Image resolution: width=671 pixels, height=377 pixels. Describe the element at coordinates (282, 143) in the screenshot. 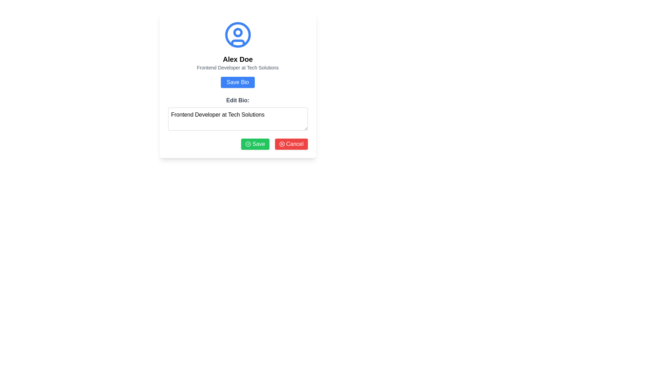

I see `the decorative circle SVG graphic that indicates a 'close' or 'cancel' action, located in the center-right area of the layout` at that location.